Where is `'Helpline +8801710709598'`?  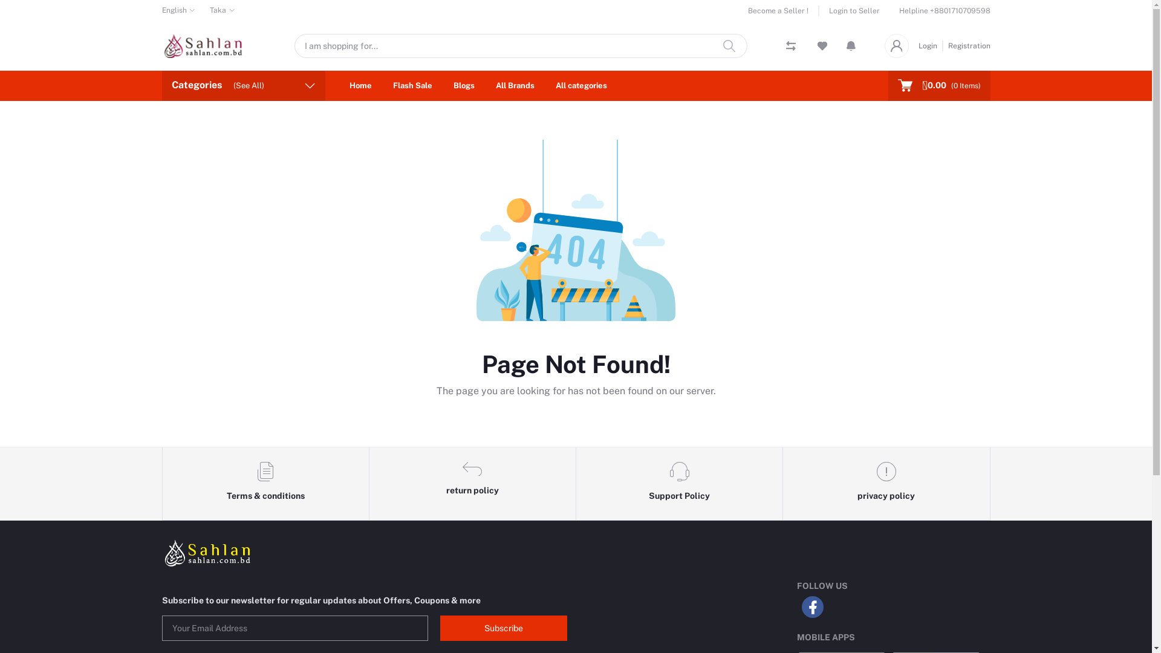 'Helpline +8801710709598' is located at coordinates (943, 11).